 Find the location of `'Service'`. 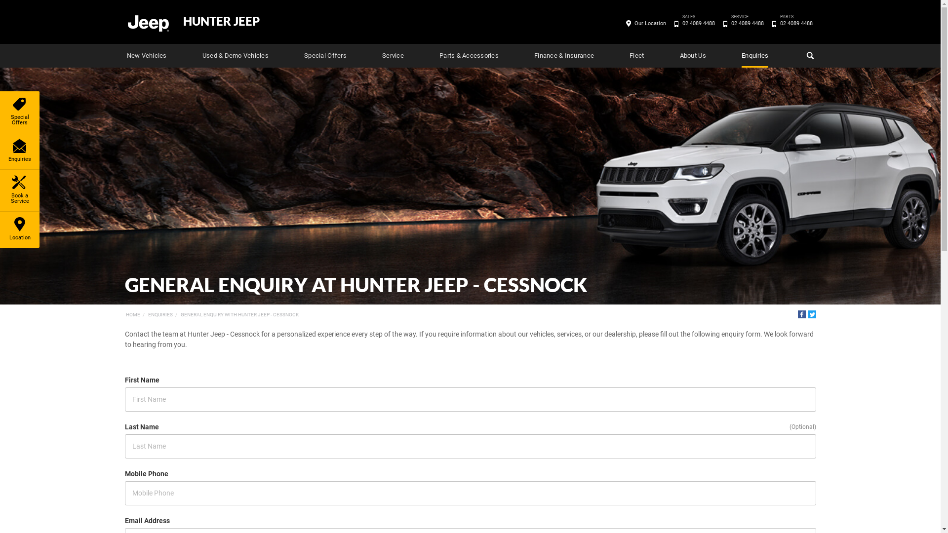

'Service' is located at coordinates (393, 55).